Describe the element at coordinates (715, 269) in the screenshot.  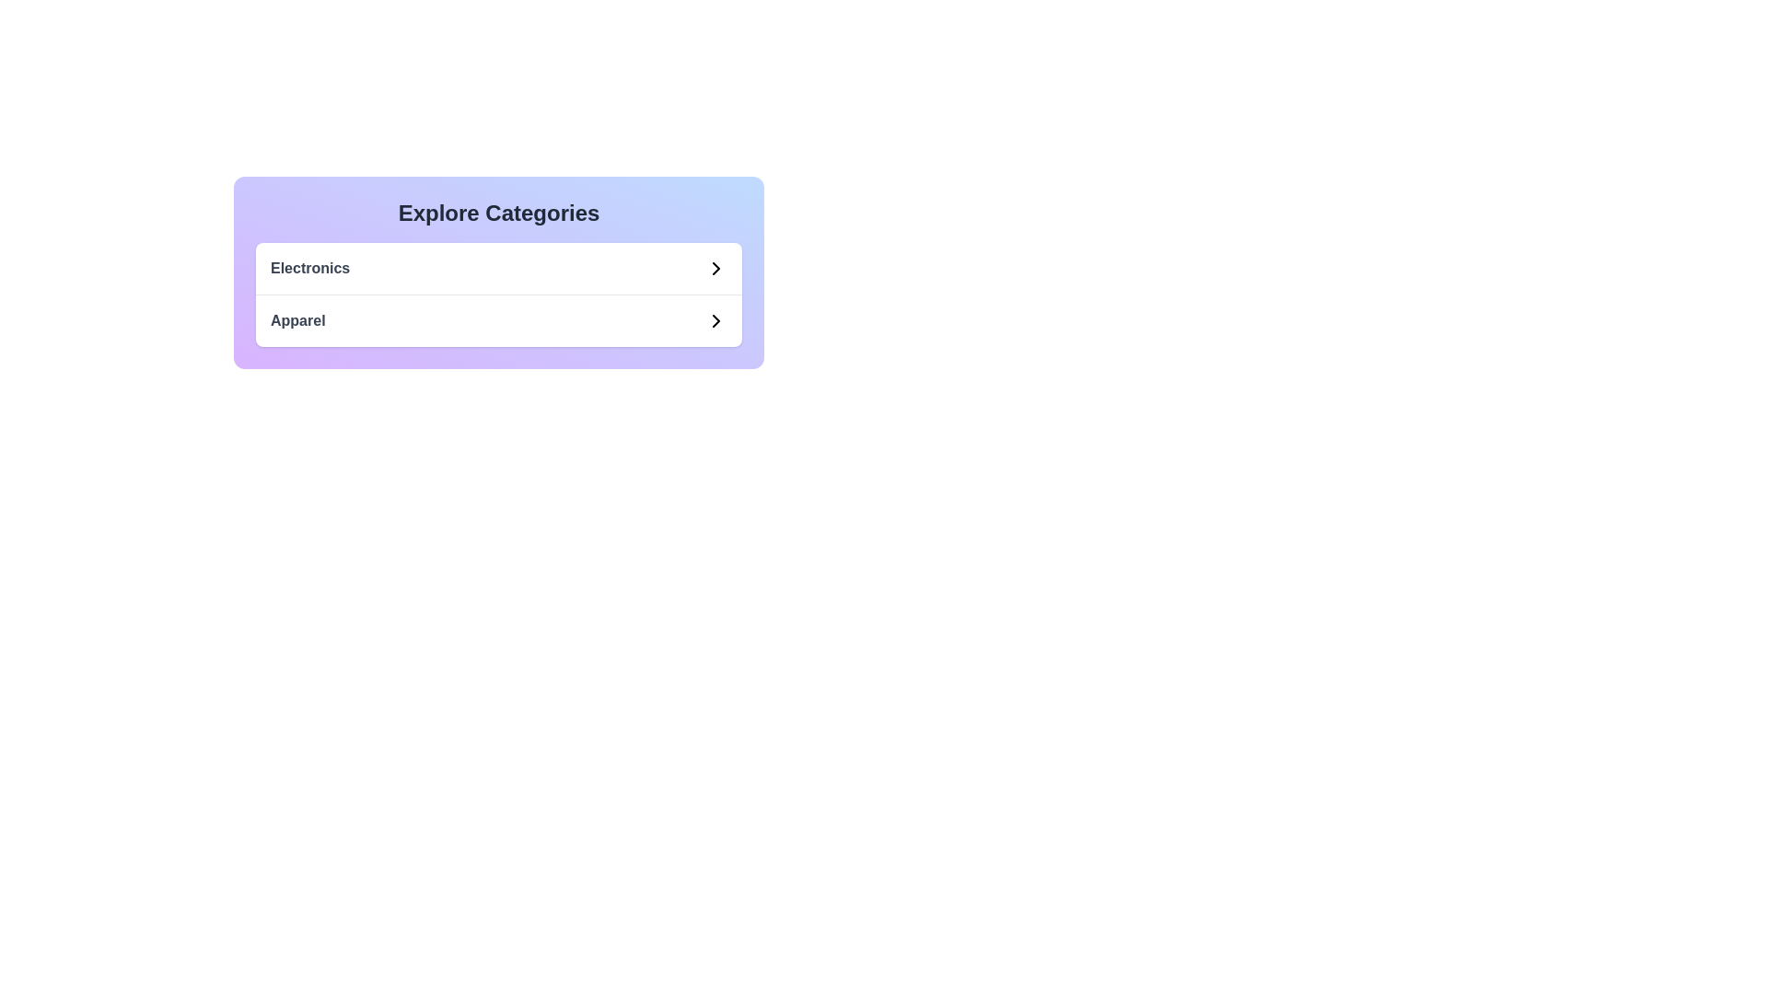
I see `the rightward chevron icon located at the far right of the 'Electronics' category row in the 'Explore Categories' section` at that location.